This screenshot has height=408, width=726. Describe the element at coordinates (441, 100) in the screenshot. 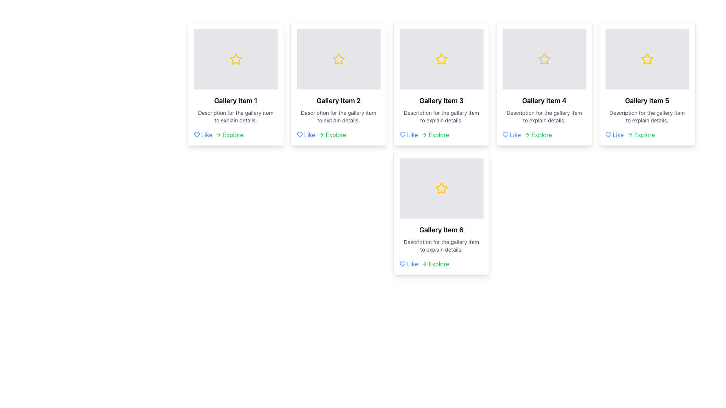

I see `the text label that reads 'Gallery Item 3', which is styled in a larger and bold font and located in the middle card of the top row in a grid layout` at that location.